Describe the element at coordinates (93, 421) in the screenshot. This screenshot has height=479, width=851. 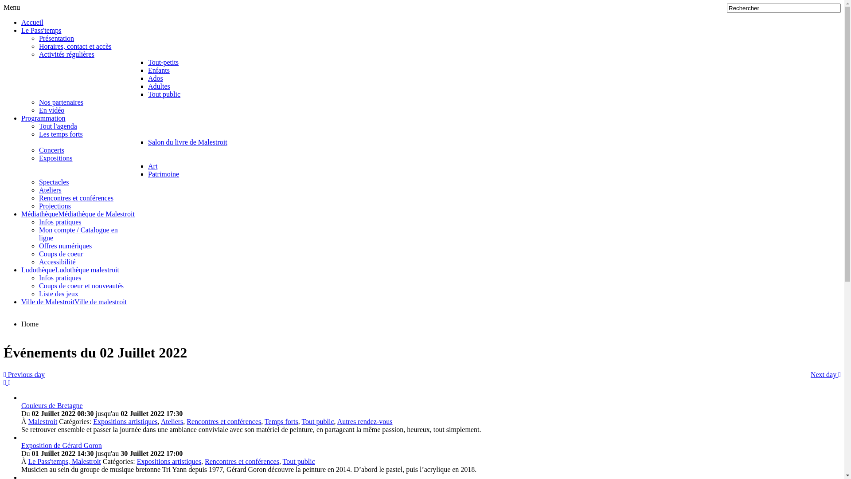
I see `'Expositions artistiques'` at that location.